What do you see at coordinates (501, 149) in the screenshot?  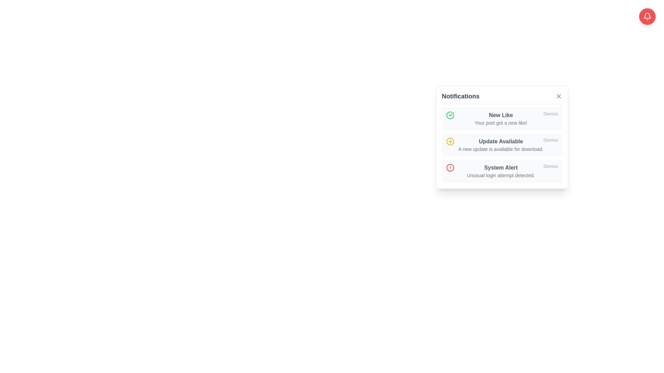 I see `the text element that informs the user about the availability of a new update, located in the notification card under the heading 'Notifications' and labeled 'Update Available'` at bounding box center [501, 149].